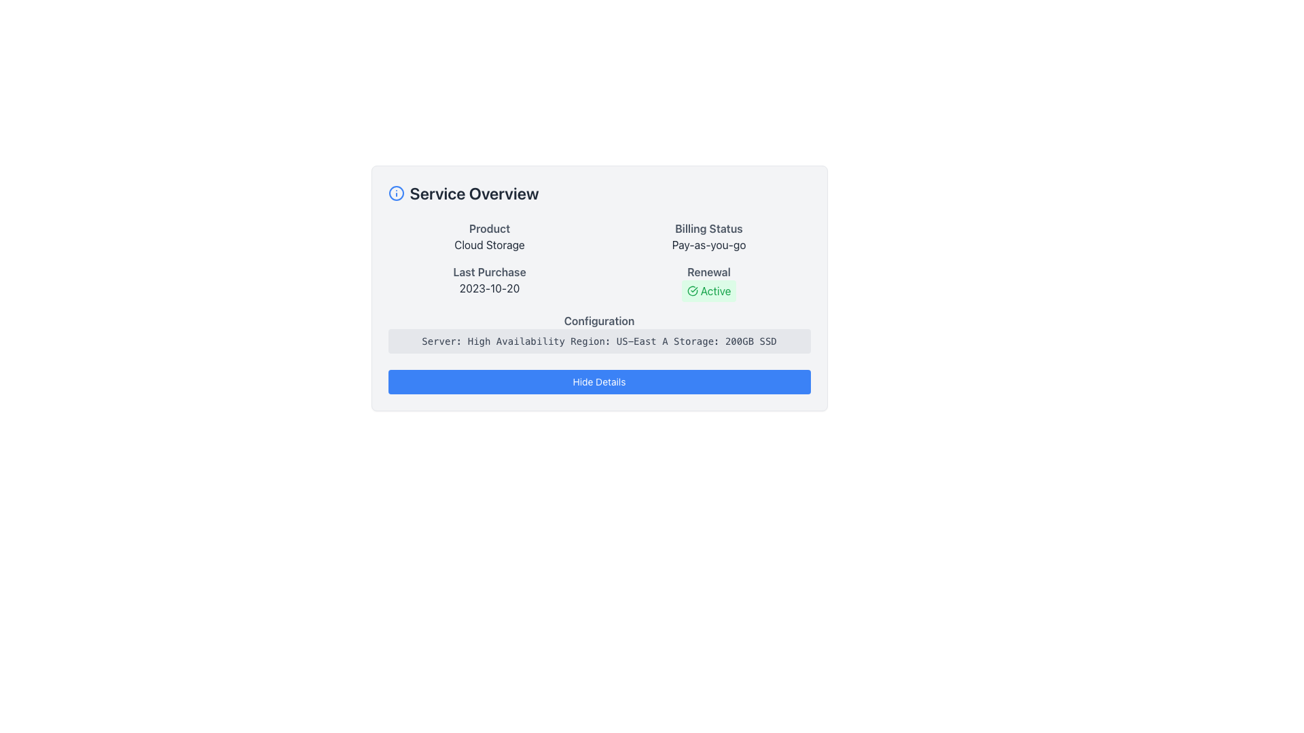 The height and width of the screenshot is (733, 1304). I want to click on the static informational text indicating 'Pay-as-you-go' billing mode, located in the right column above the 'Renewal' information, so click(708, 236).